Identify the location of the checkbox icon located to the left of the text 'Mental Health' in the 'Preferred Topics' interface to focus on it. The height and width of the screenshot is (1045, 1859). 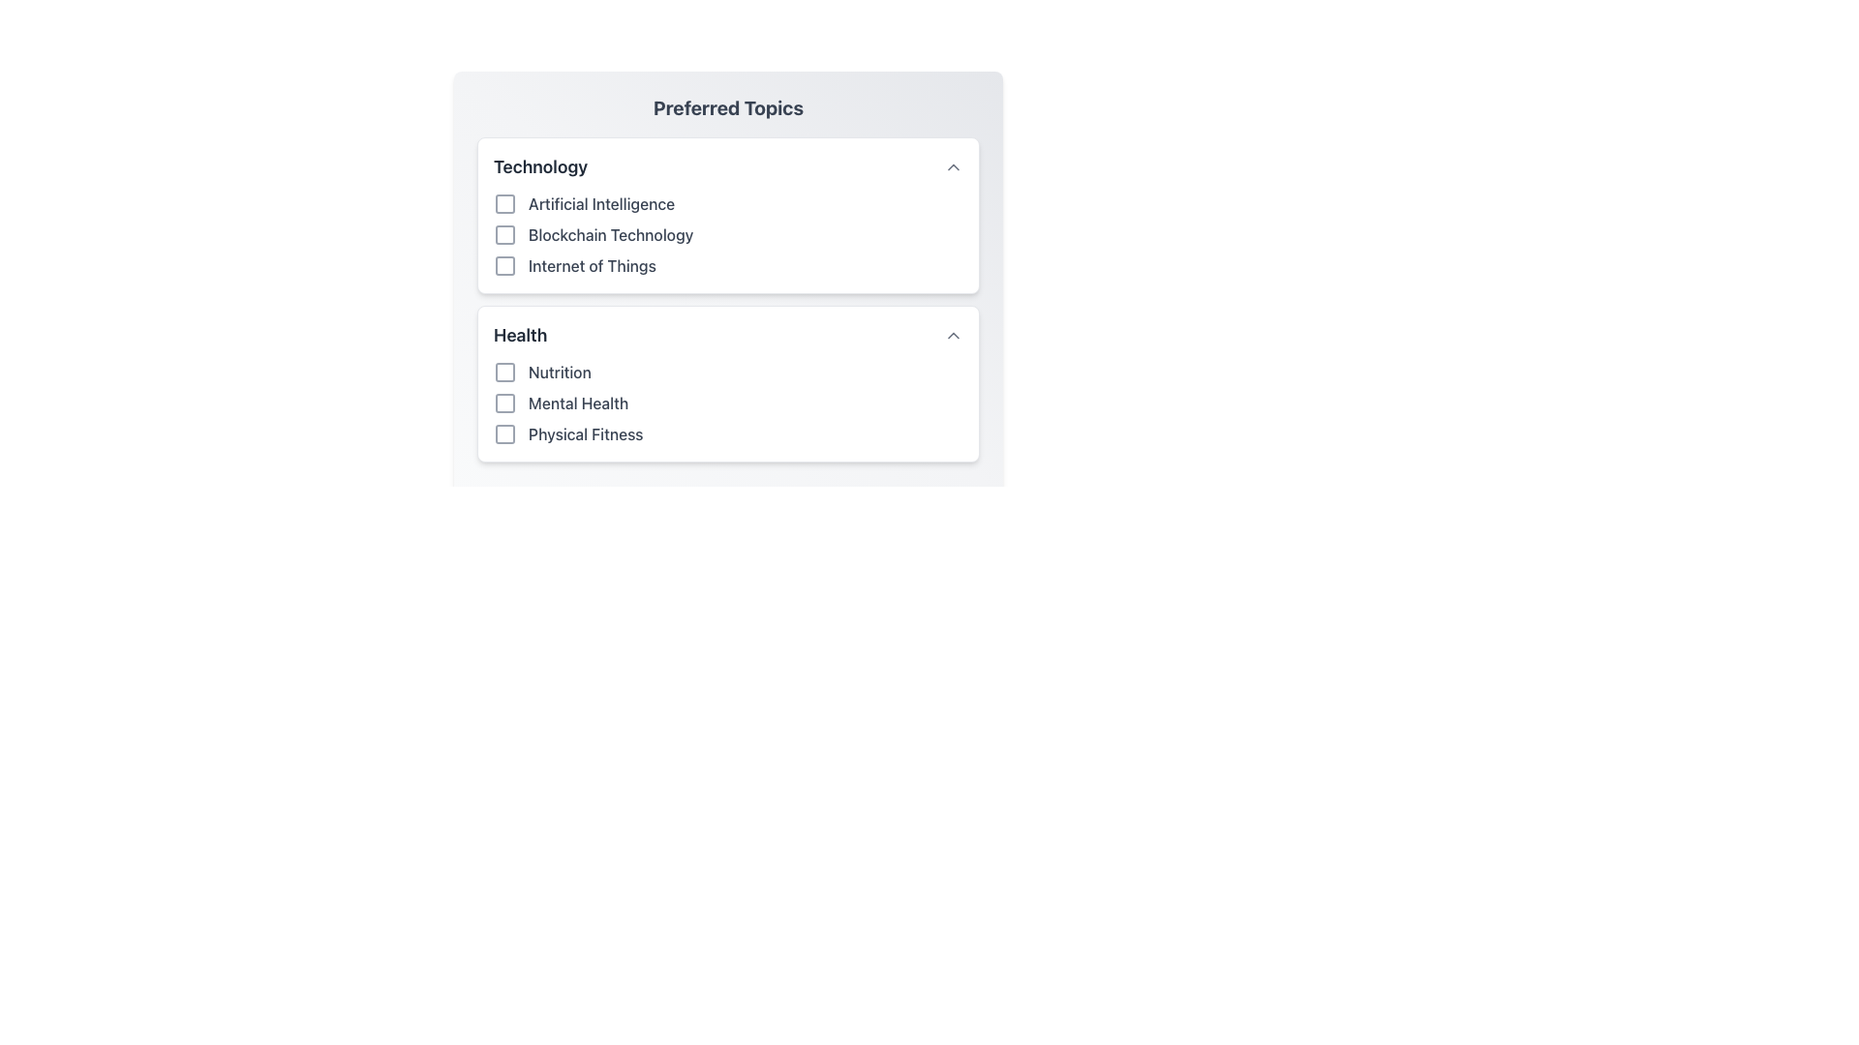
(505, 402).